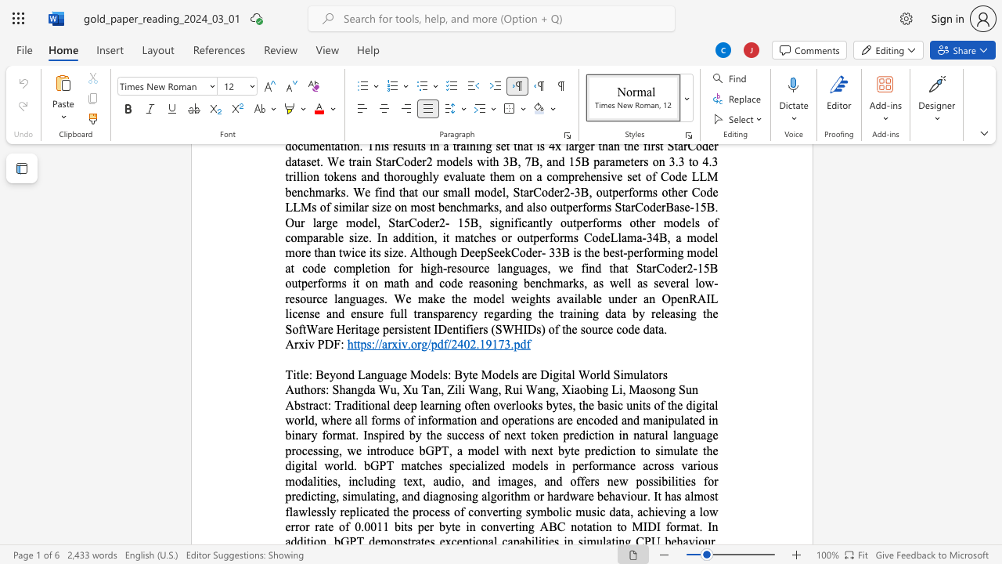 The width and height of the screenshot is (1002, 564). Describe the element at coordinates (611, 496) in the screenshot. I see `the 10th character "h" in the text` at that location.